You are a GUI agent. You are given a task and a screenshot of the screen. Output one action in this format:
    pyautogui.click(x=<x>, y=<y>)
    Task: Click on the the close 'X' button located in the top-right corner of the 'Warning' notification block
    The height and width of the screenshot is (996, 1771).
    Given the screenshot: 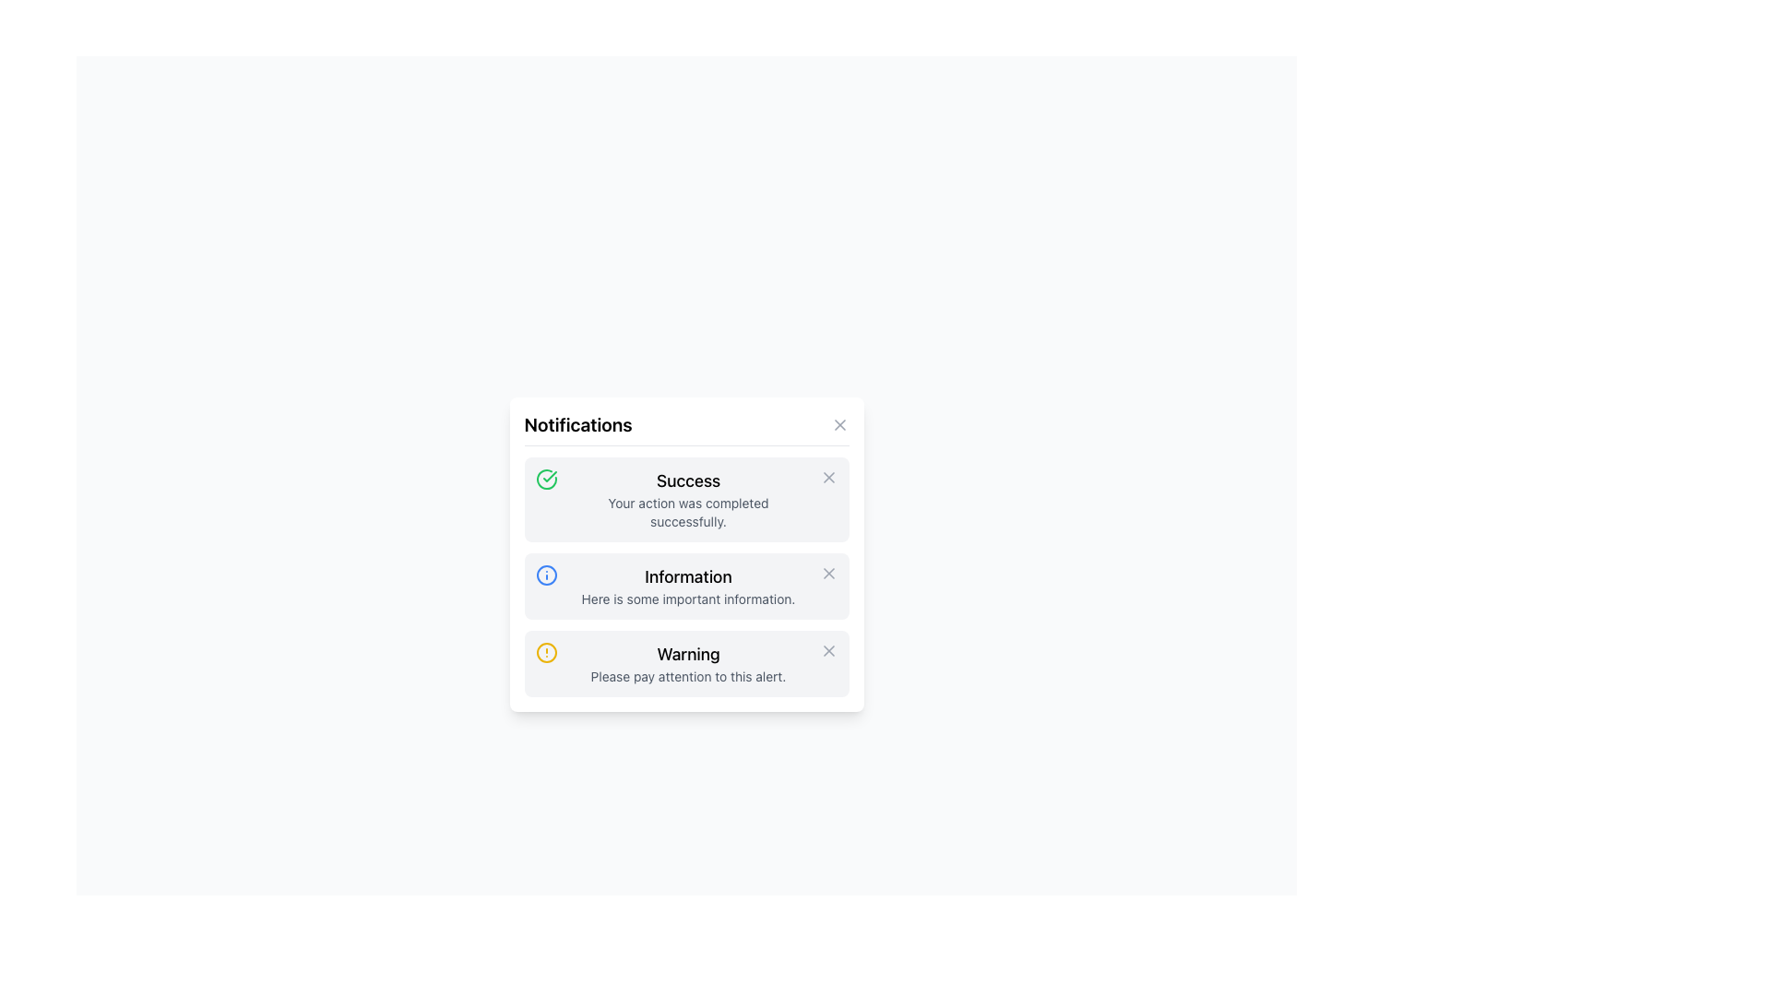 What is the action you would take?
    pyautogui.click(x=827, y=649)
    